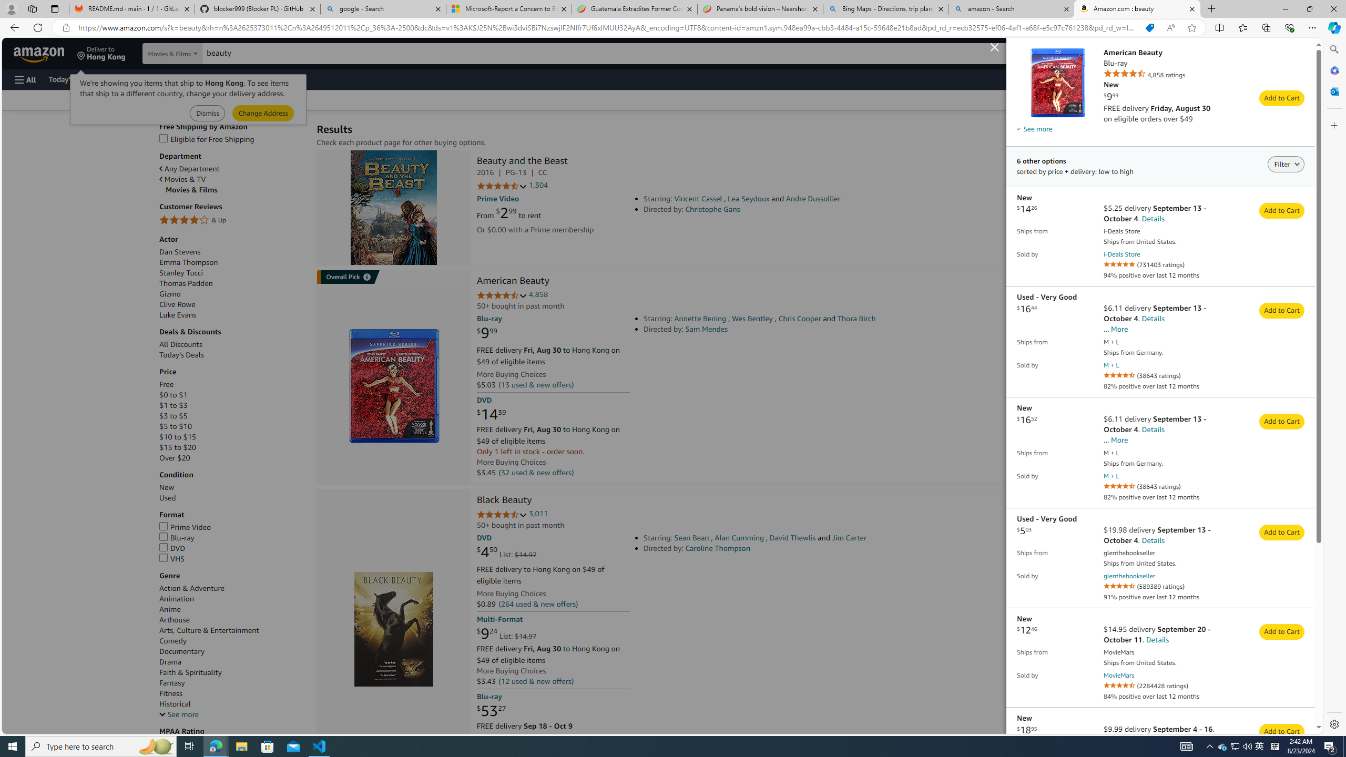 This screenshot has height=757, width=1346. I want to click on 'Animation', so click(176, 598).